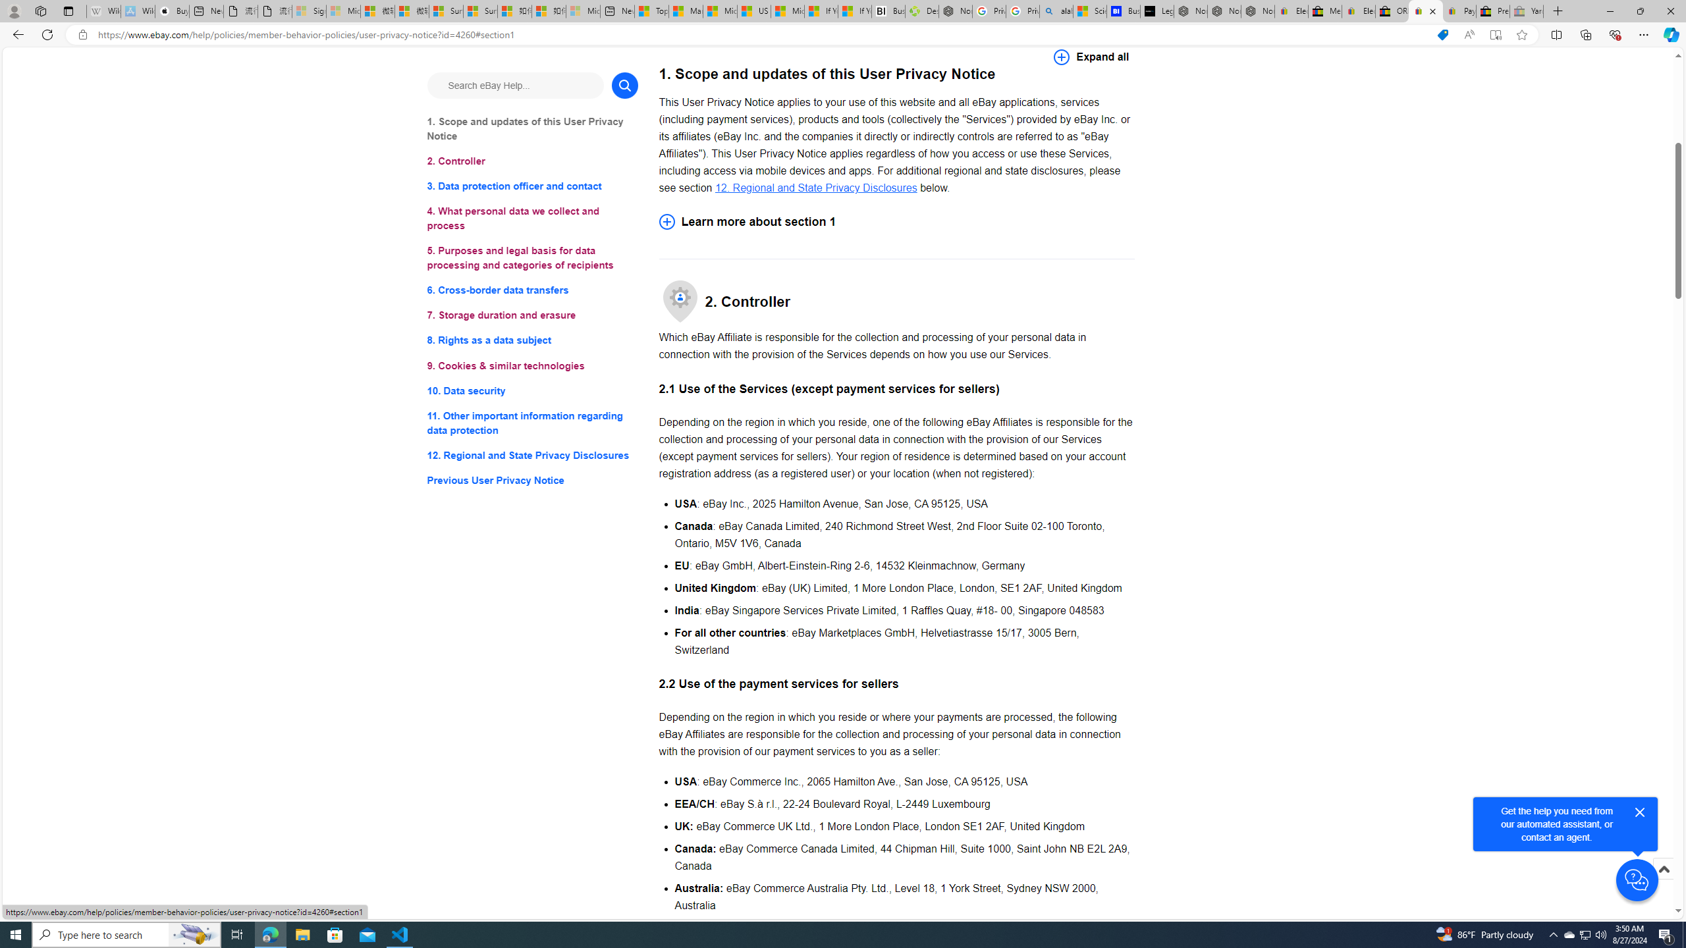 This screenshot has height=948, width=1686. What do you see at coordinates (531, 186) in the screenshot?
I see `'3. Data protection officer and contact'` at bounding box center [531, 186].